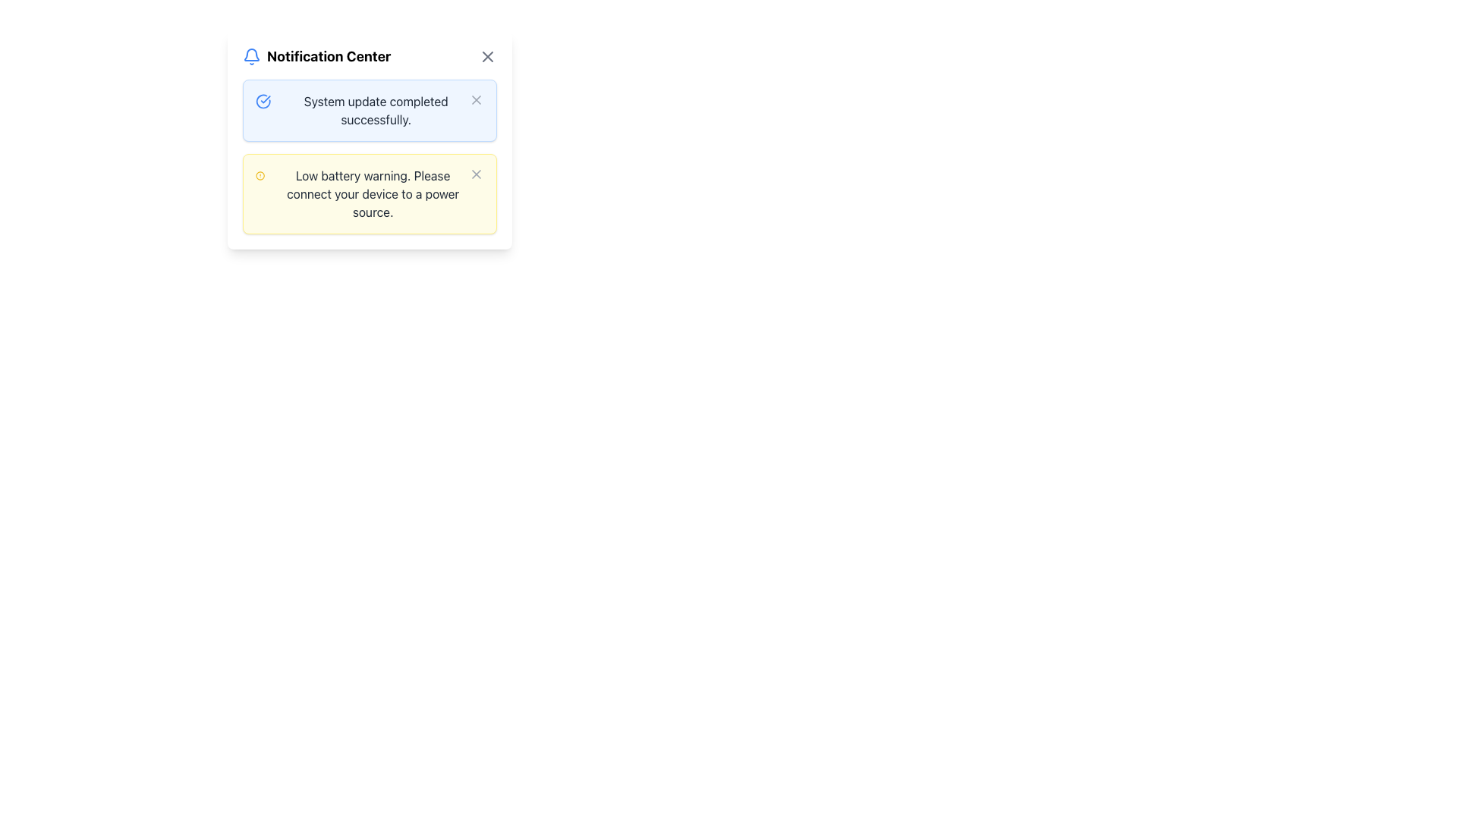 This screenshot has height=819, width=1457. What do you see at coordinates (376, 110) in the screenshot?
I see `the success notification text label positioned to the right of the checkmark icon` at bounding box center [376, 110].